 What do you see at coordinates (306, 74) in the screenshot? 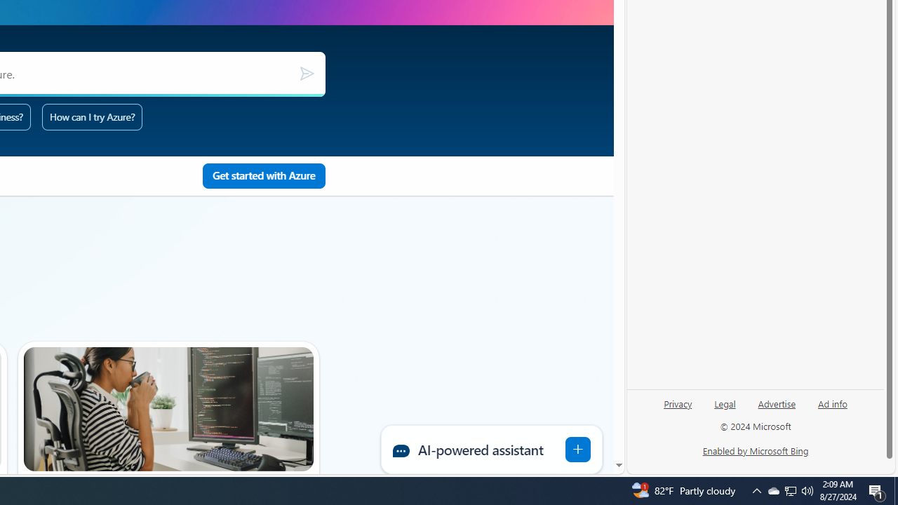
I see `'Submit'` at bounding box center [306, 74].